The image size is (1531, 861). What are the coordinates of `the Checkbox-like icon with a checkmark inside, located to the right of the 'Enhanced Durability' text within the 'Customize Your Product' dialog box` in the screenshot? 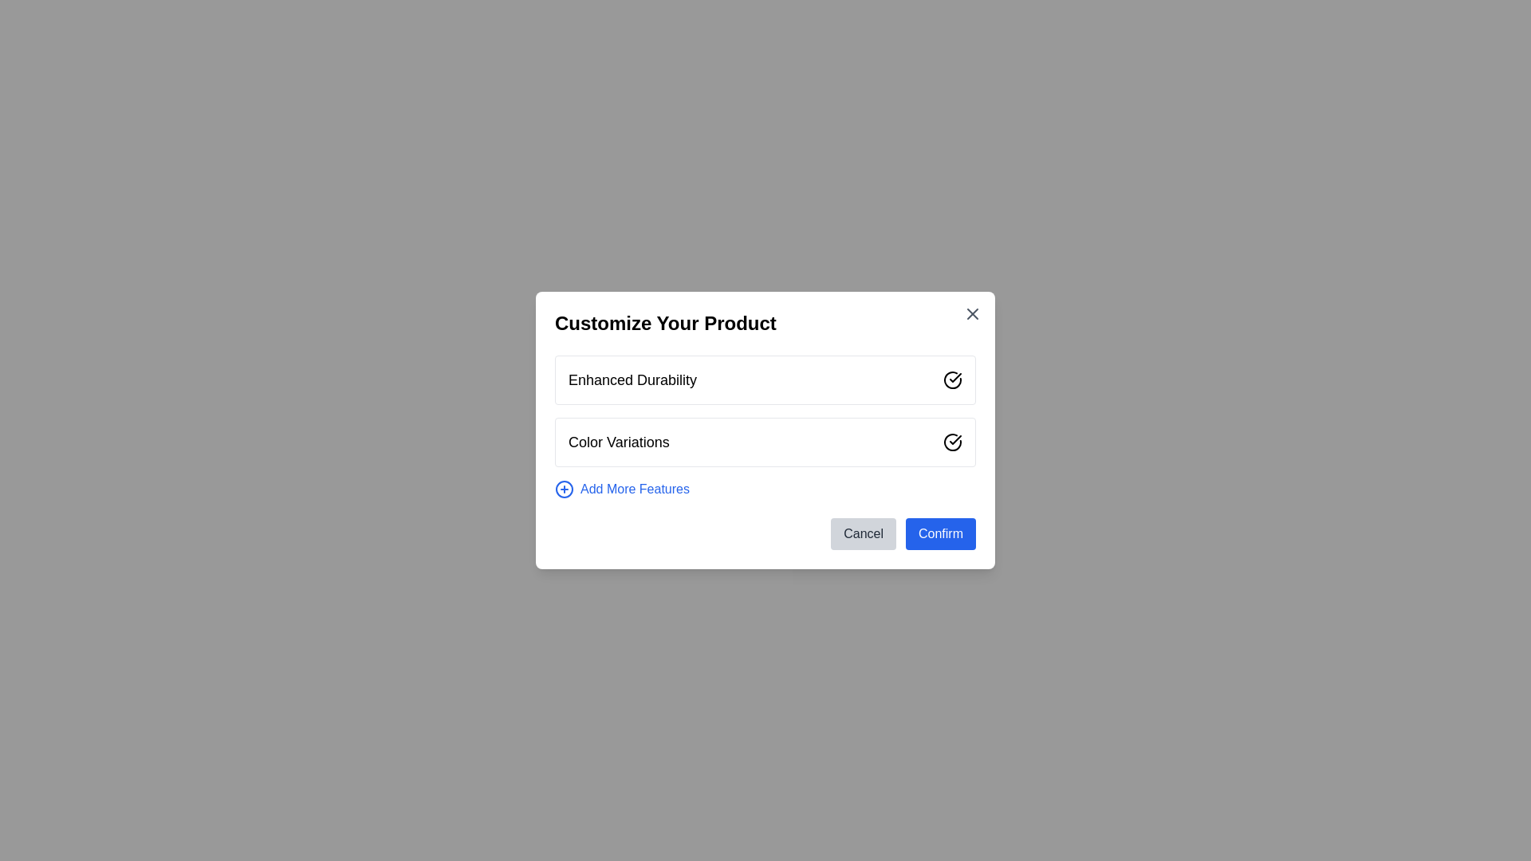 It's located at (953, 380).